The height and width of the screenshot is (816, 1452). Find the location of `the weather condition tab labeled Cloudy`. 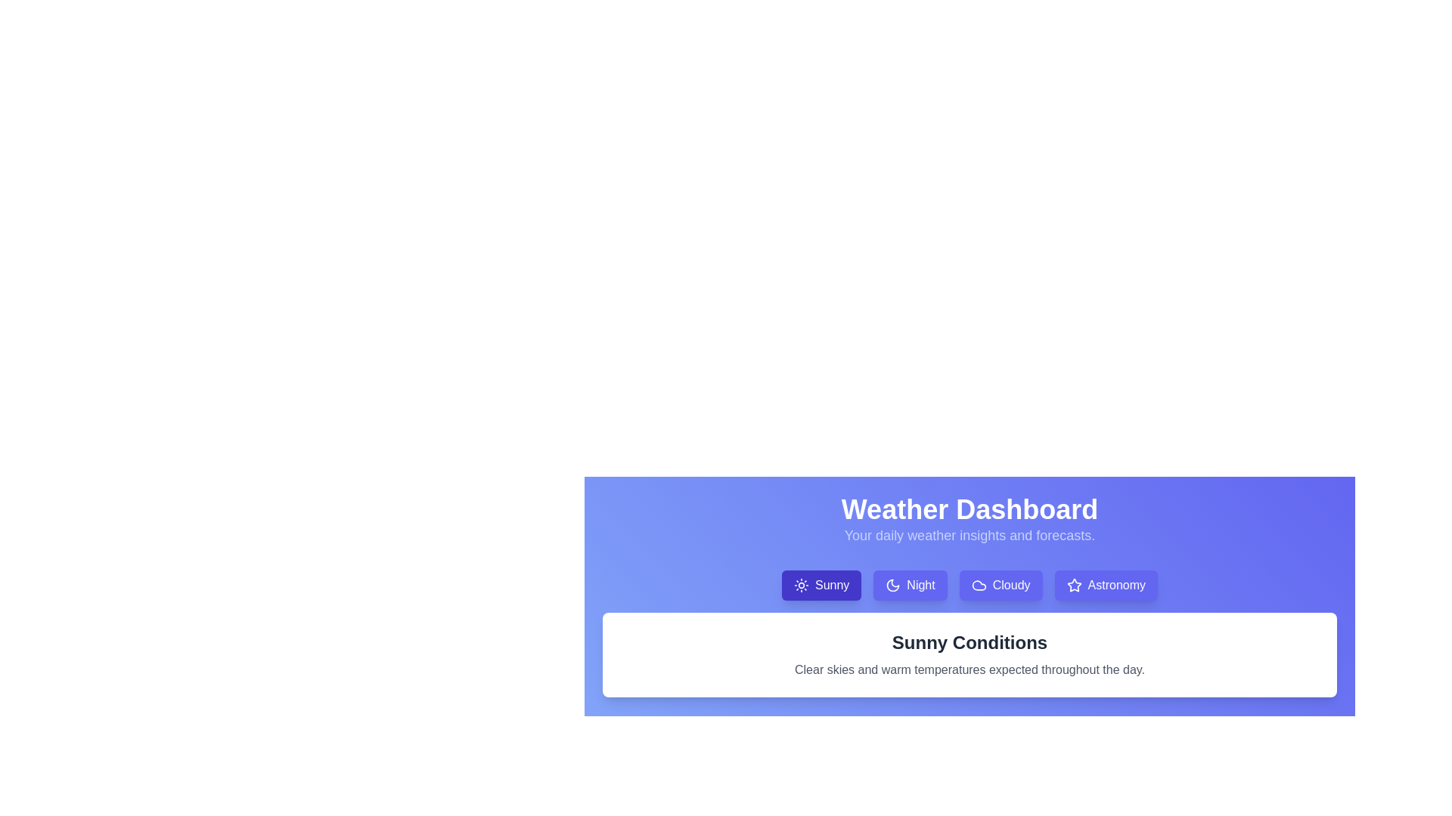

the weather condition tab labeled Cloudy is located at coordinates (1001, 585).